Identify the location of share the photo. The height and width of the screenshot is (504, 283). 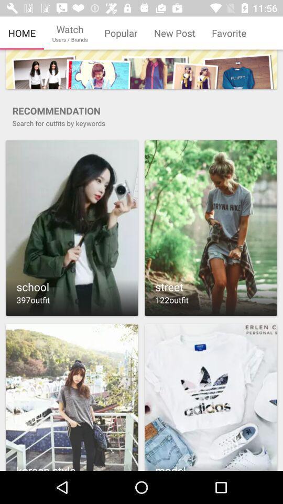
(71, 396).